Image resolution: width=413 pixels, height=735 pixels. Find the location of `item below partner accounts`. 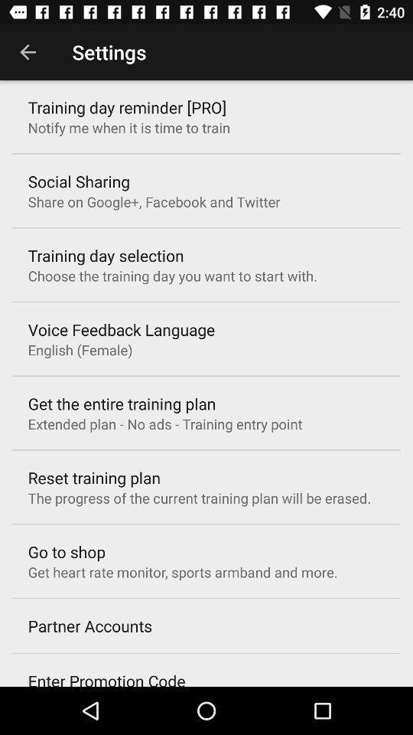

item below partner accounts is located at coordinates (106, 678).